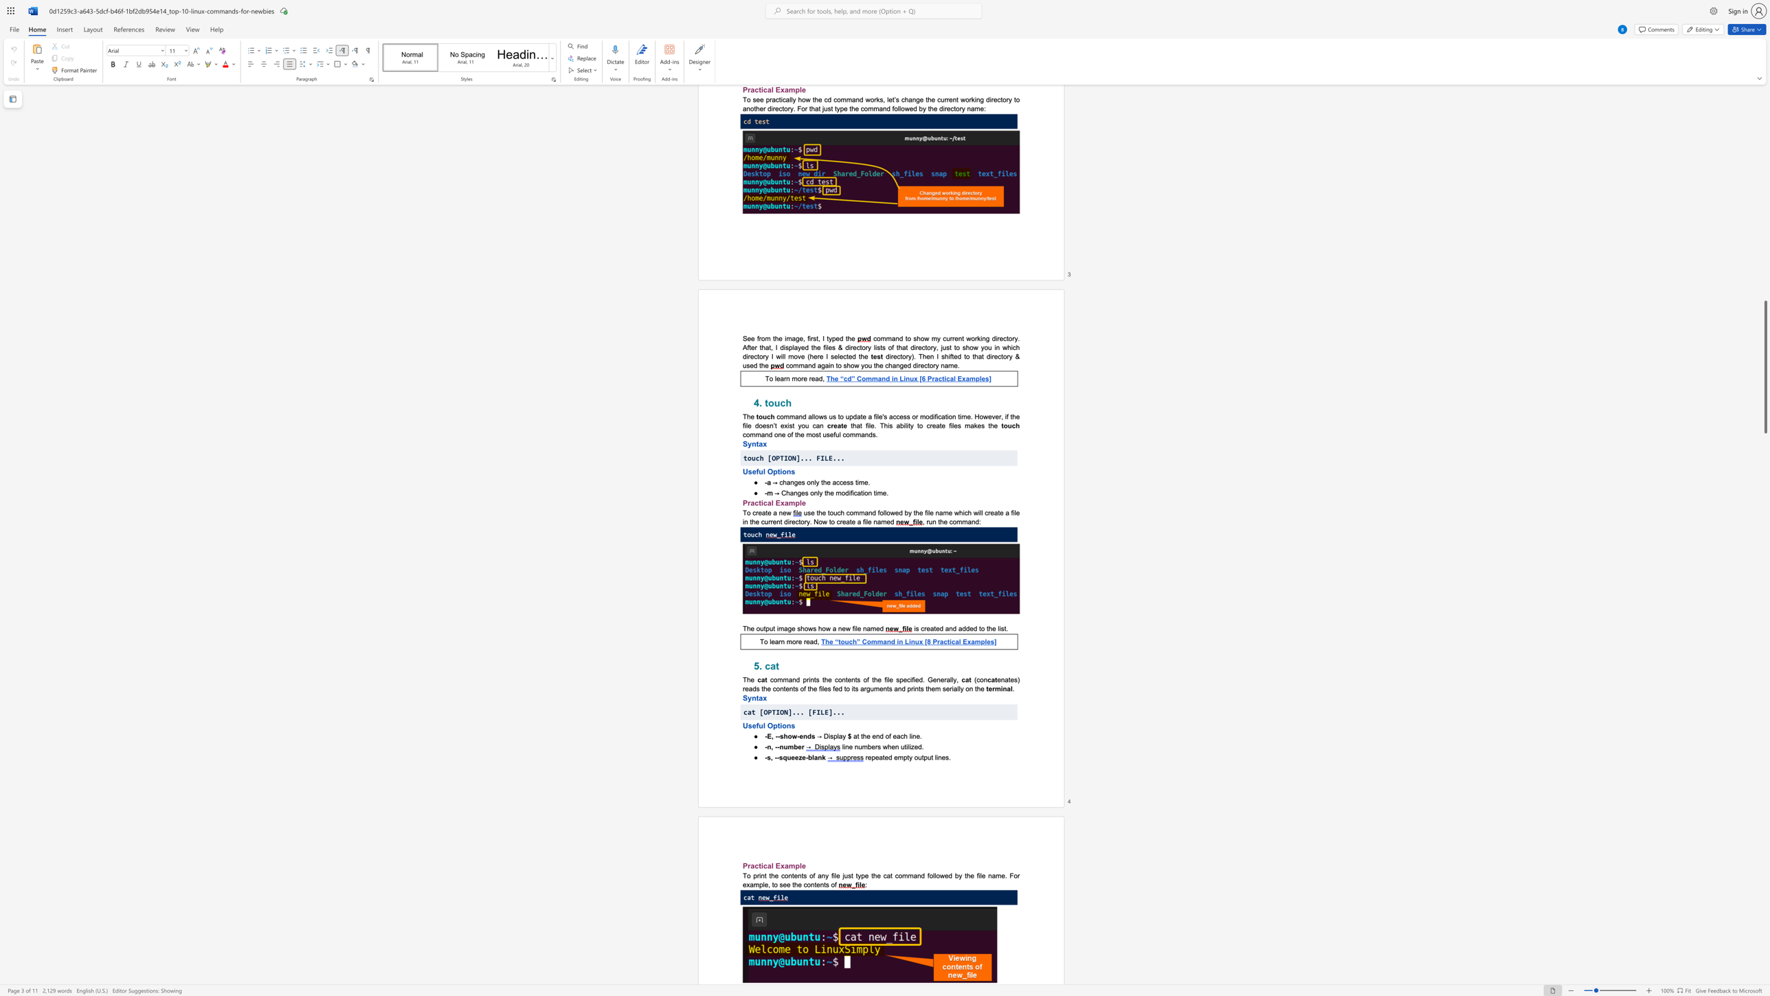  I want to click on the subset text "y," within the text "Generally,", so click(953, 680).